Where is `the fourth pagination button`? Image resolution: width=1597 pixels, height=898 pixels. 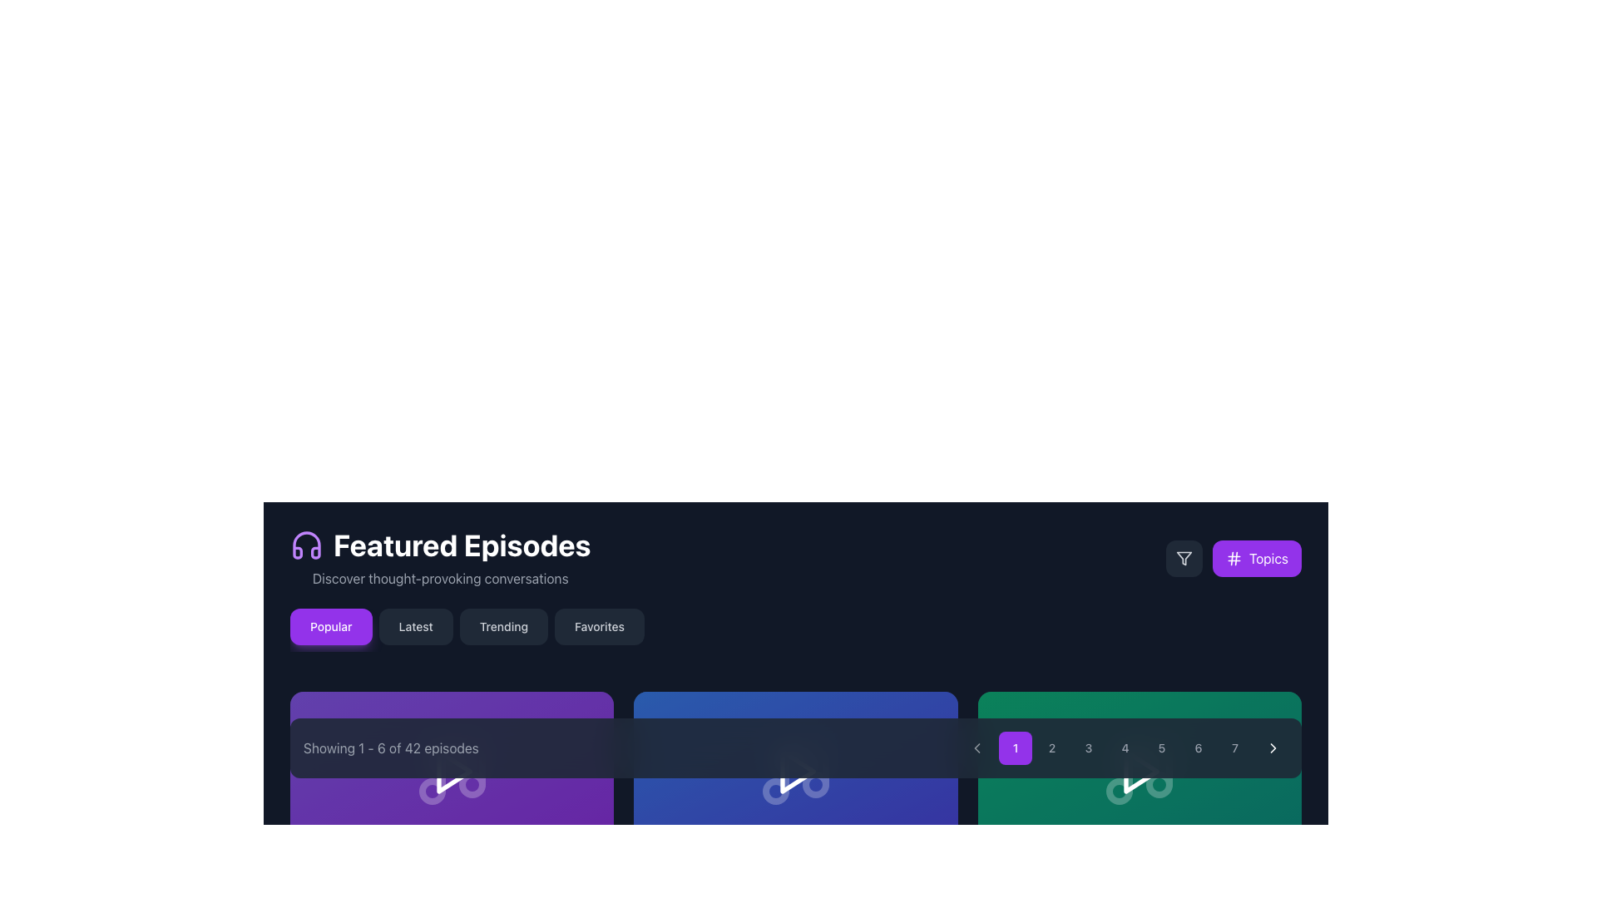 the fourth pagination button is located at coordinates (1125, 747).